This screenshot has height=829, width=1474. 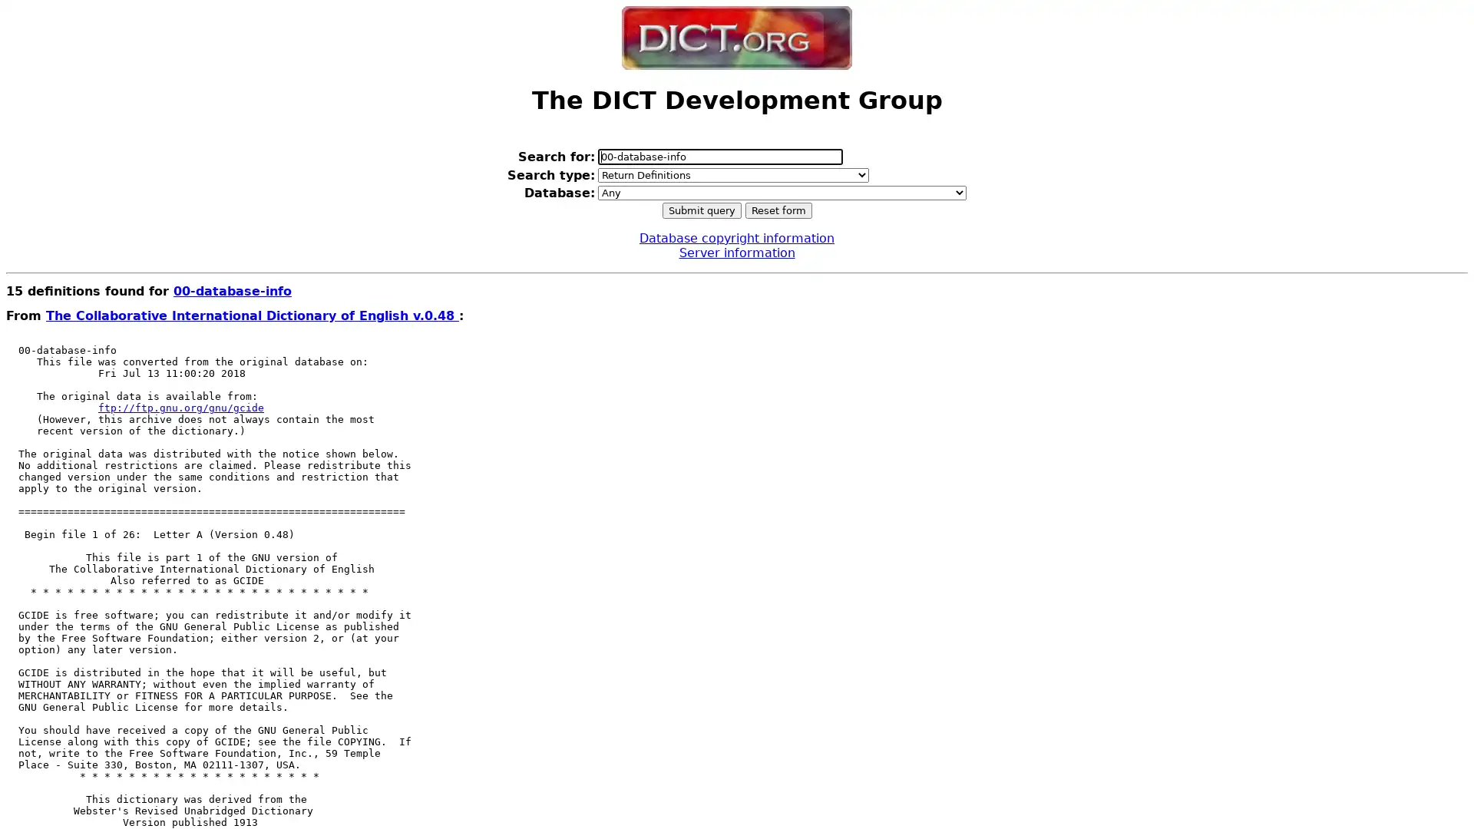 I want to click on Reset form, so click(x=778, y=210).